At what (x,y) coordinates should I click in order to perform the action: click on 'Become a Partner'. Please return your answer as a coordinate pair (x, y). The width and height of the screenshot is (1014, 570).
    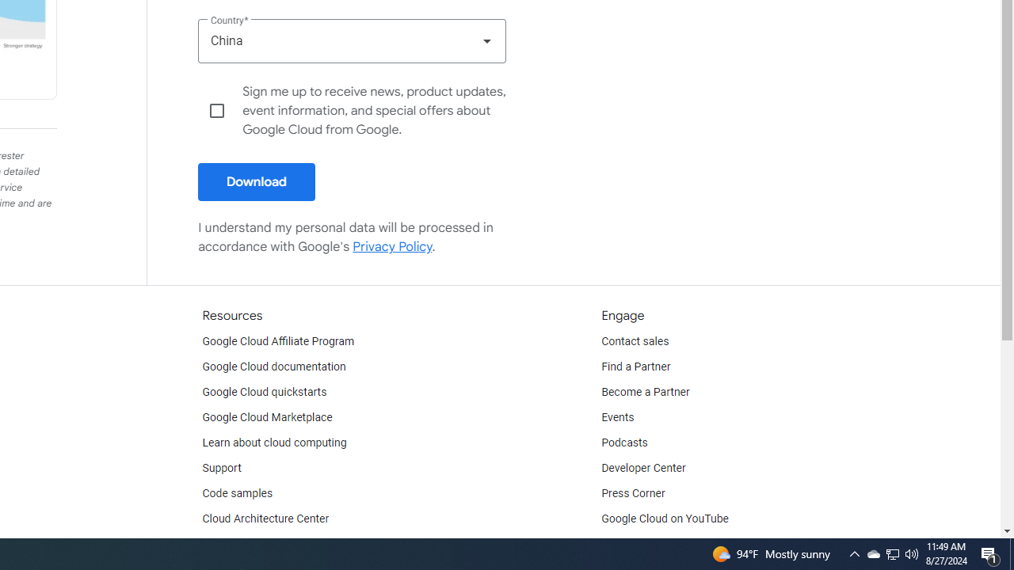
    Looking at the image, I should click on (645, 392).